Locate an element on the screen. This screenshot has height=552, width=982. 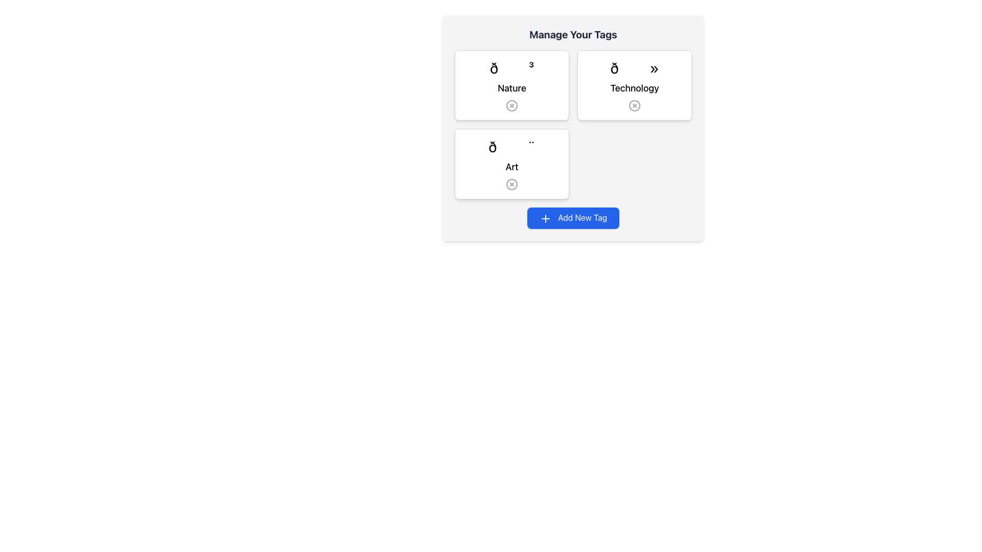
the 'Technology' category card, which is the second card in the grid layout, to observe any hover effects is located at coordinates (634, 84).